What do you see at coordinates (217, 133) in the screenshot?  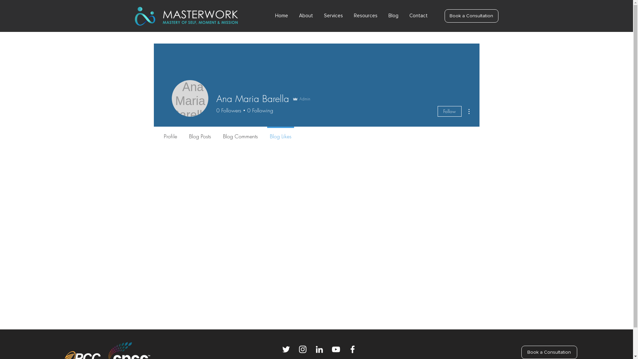 I see `'Blog Comments'` at bounding box center [217, 133].